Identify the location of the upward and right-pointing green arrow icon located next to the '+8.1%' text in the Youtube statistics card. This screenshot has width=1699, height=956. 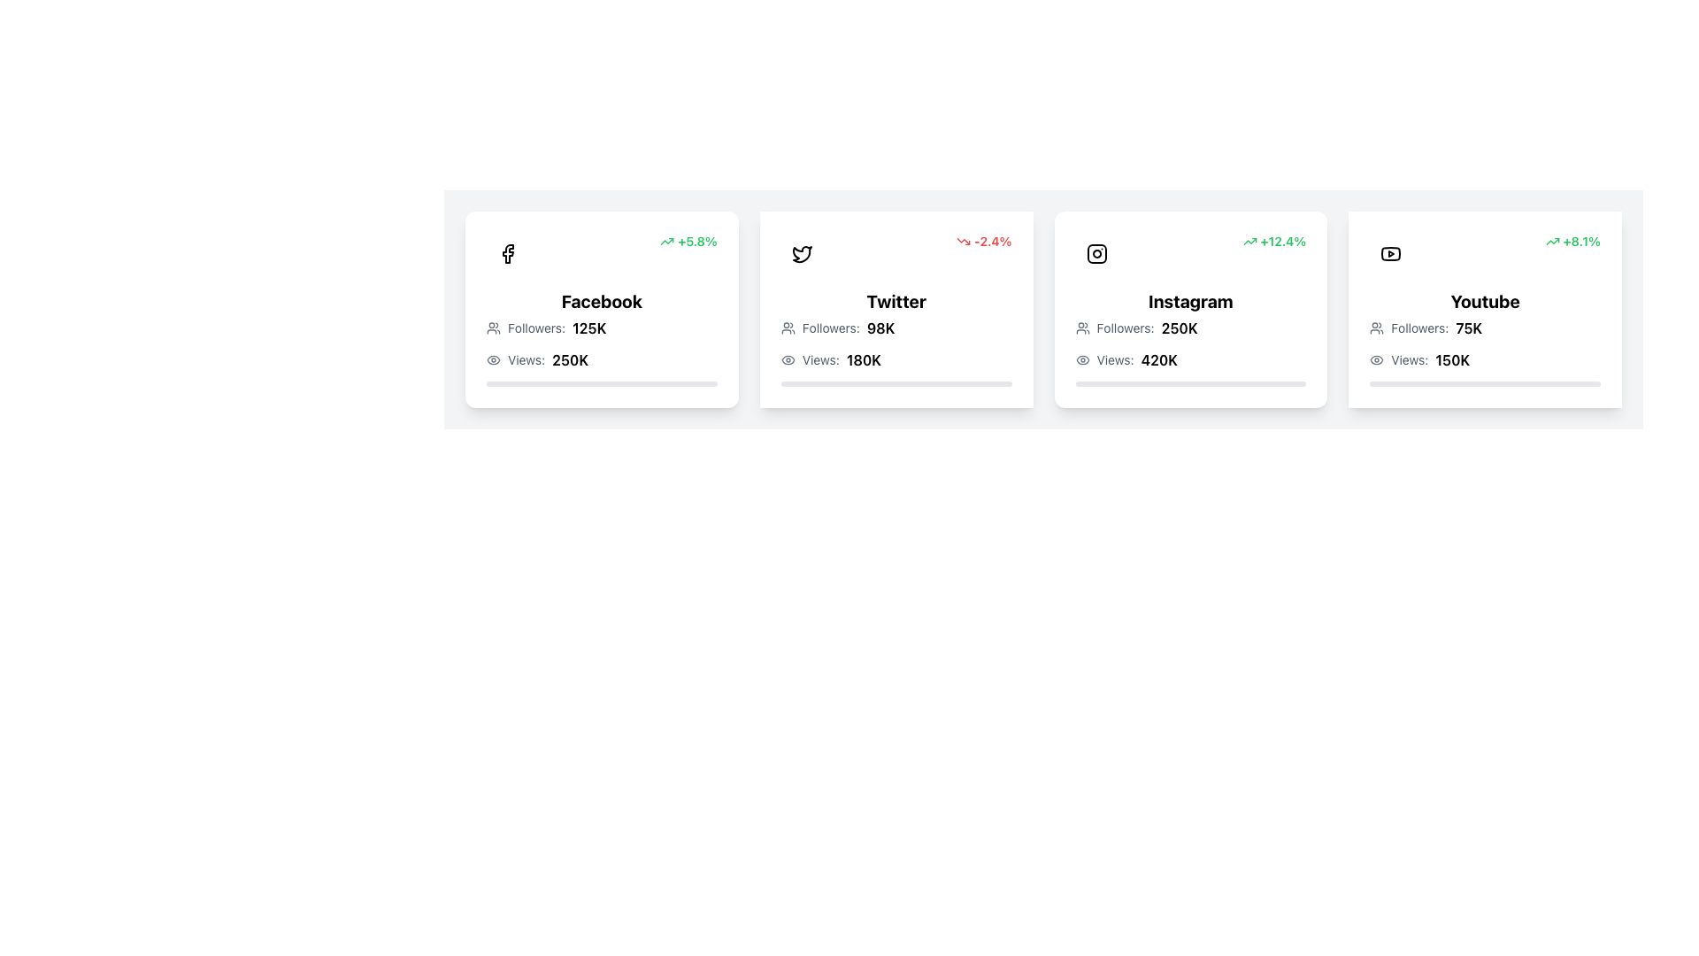
(1551, 242).